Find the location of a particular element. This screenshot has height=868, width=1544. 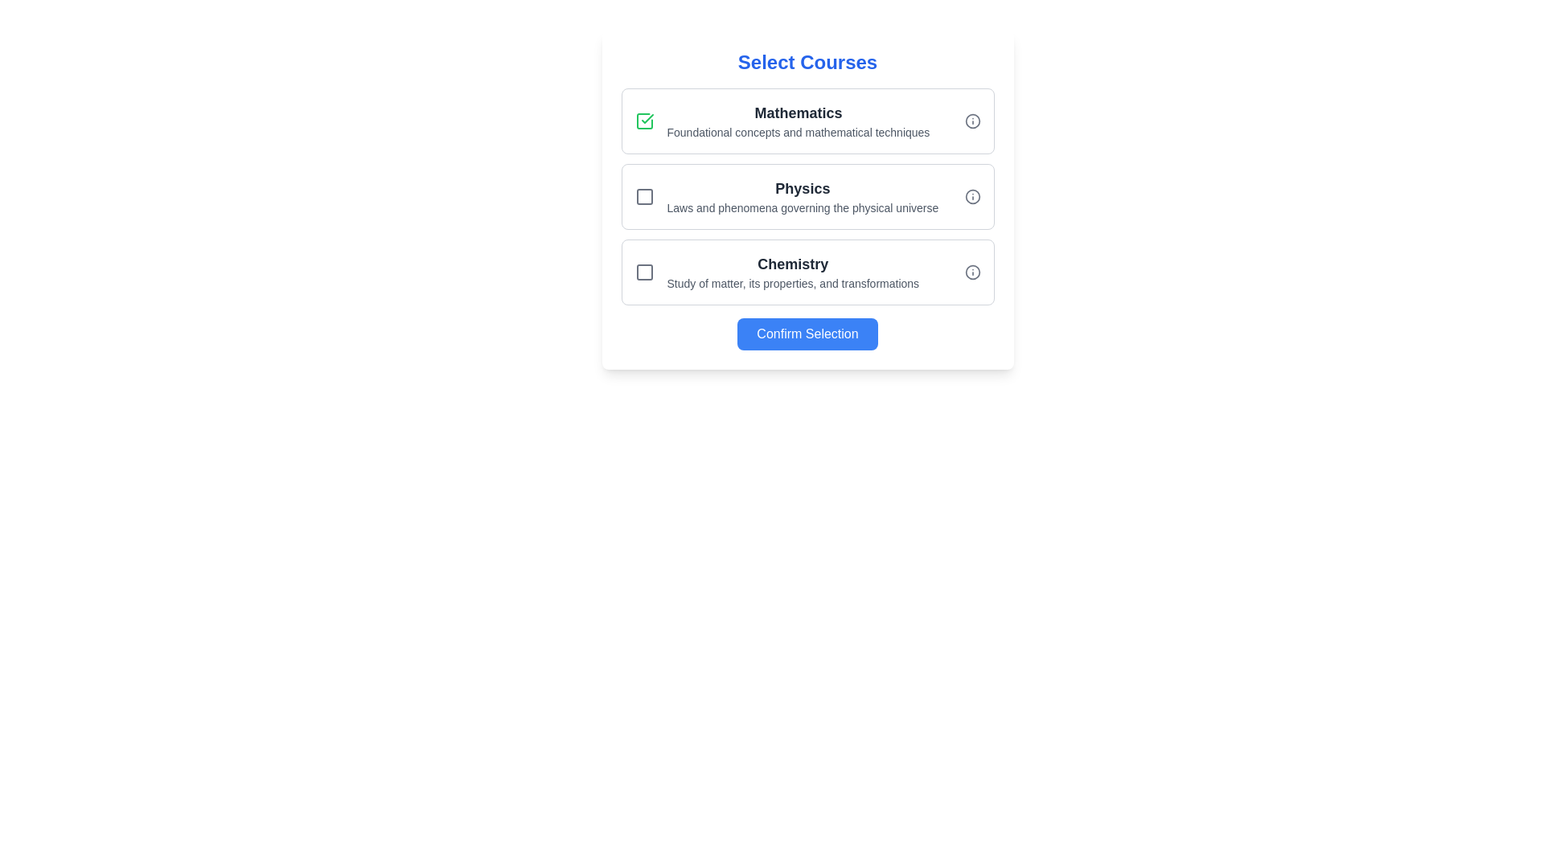

the 'Physics' text label which displays the course name in the second course selection card, positioned above the descriptive text and aligned with the checkbox and information icon is located at coordinates (803, 188).